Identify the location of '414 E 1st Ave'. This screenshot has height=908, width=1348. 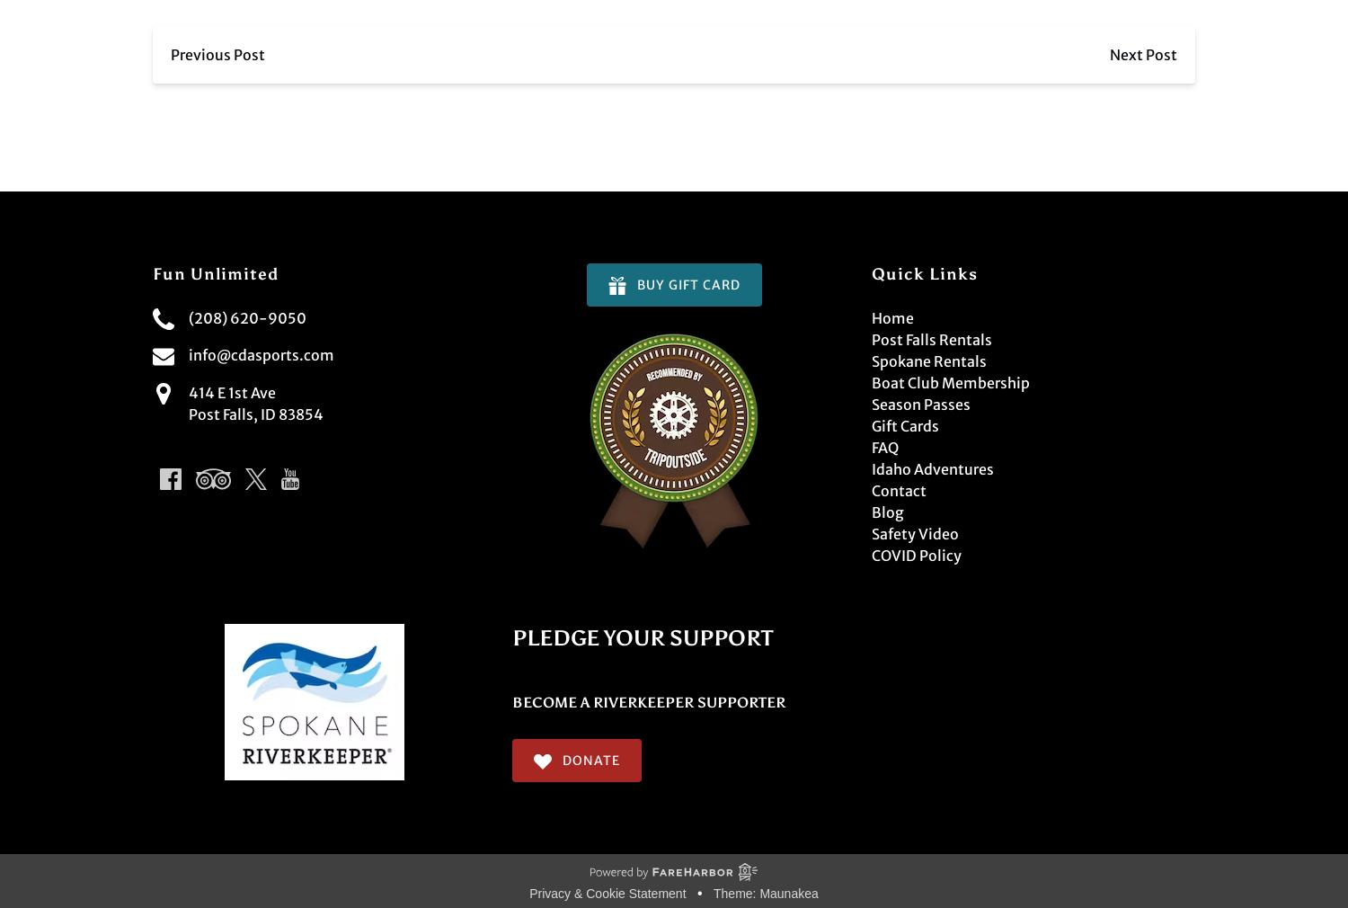
(232, 392).